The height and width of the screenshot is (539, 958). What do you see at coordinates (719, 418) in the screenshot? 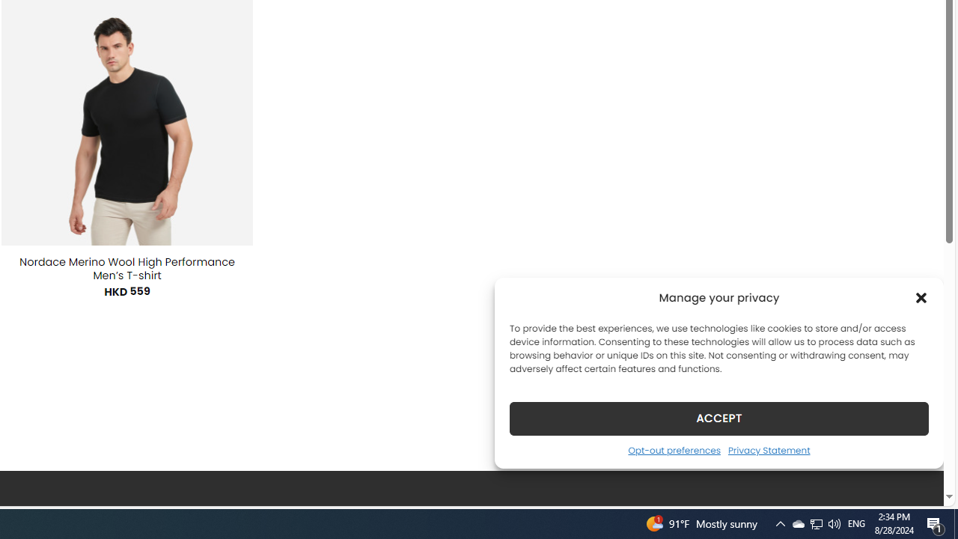
I see `'ACCEPT'` at bounding box center [719, 418].